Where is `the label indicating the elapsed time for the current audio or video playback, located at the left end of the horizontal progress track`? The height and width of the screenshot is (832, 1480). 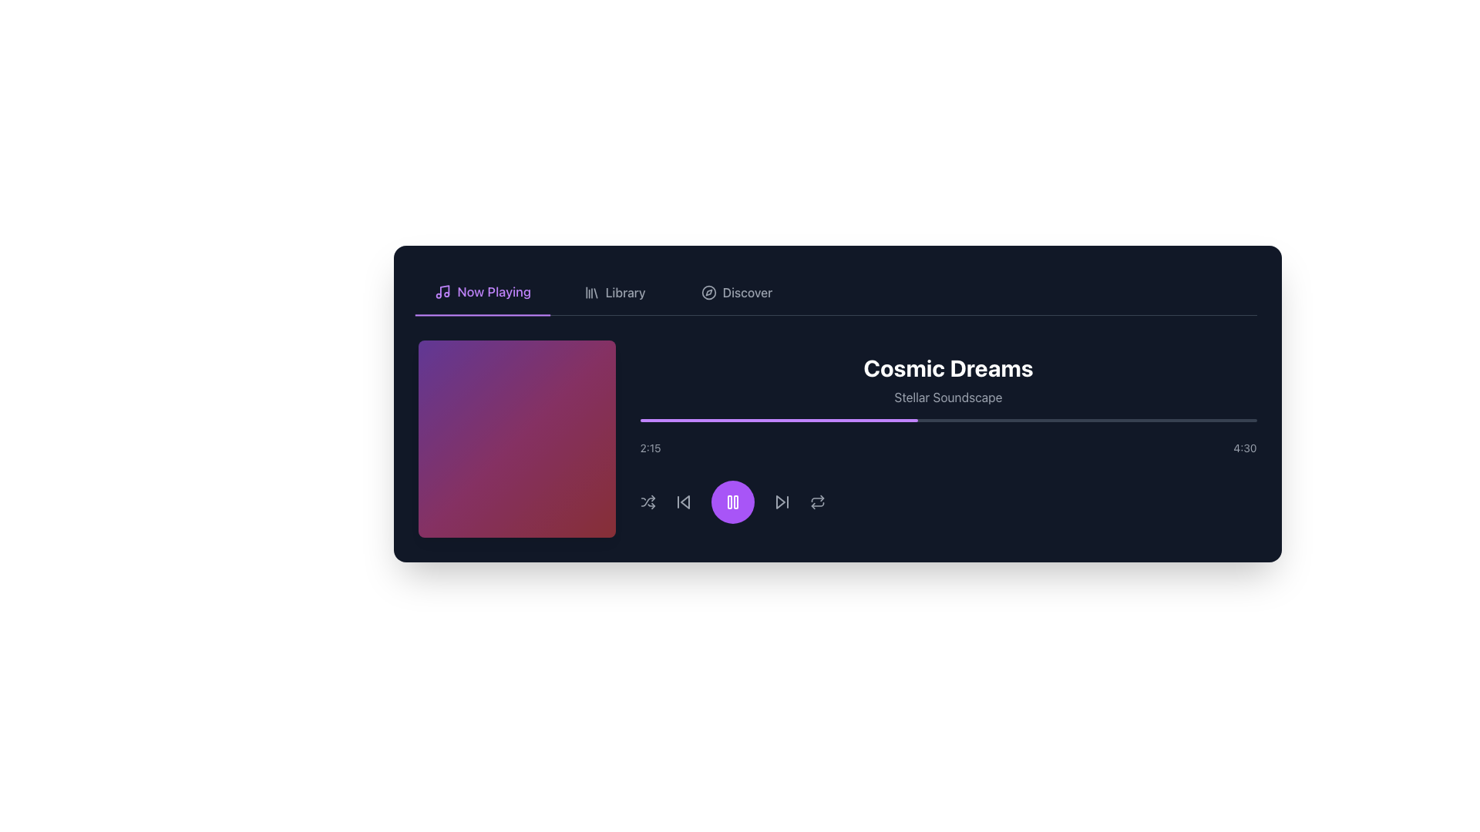 the label indicating the elapsed time for the current audio or video playback, located at the left end of the horizontal progress track is located at coordinates (651, 448).